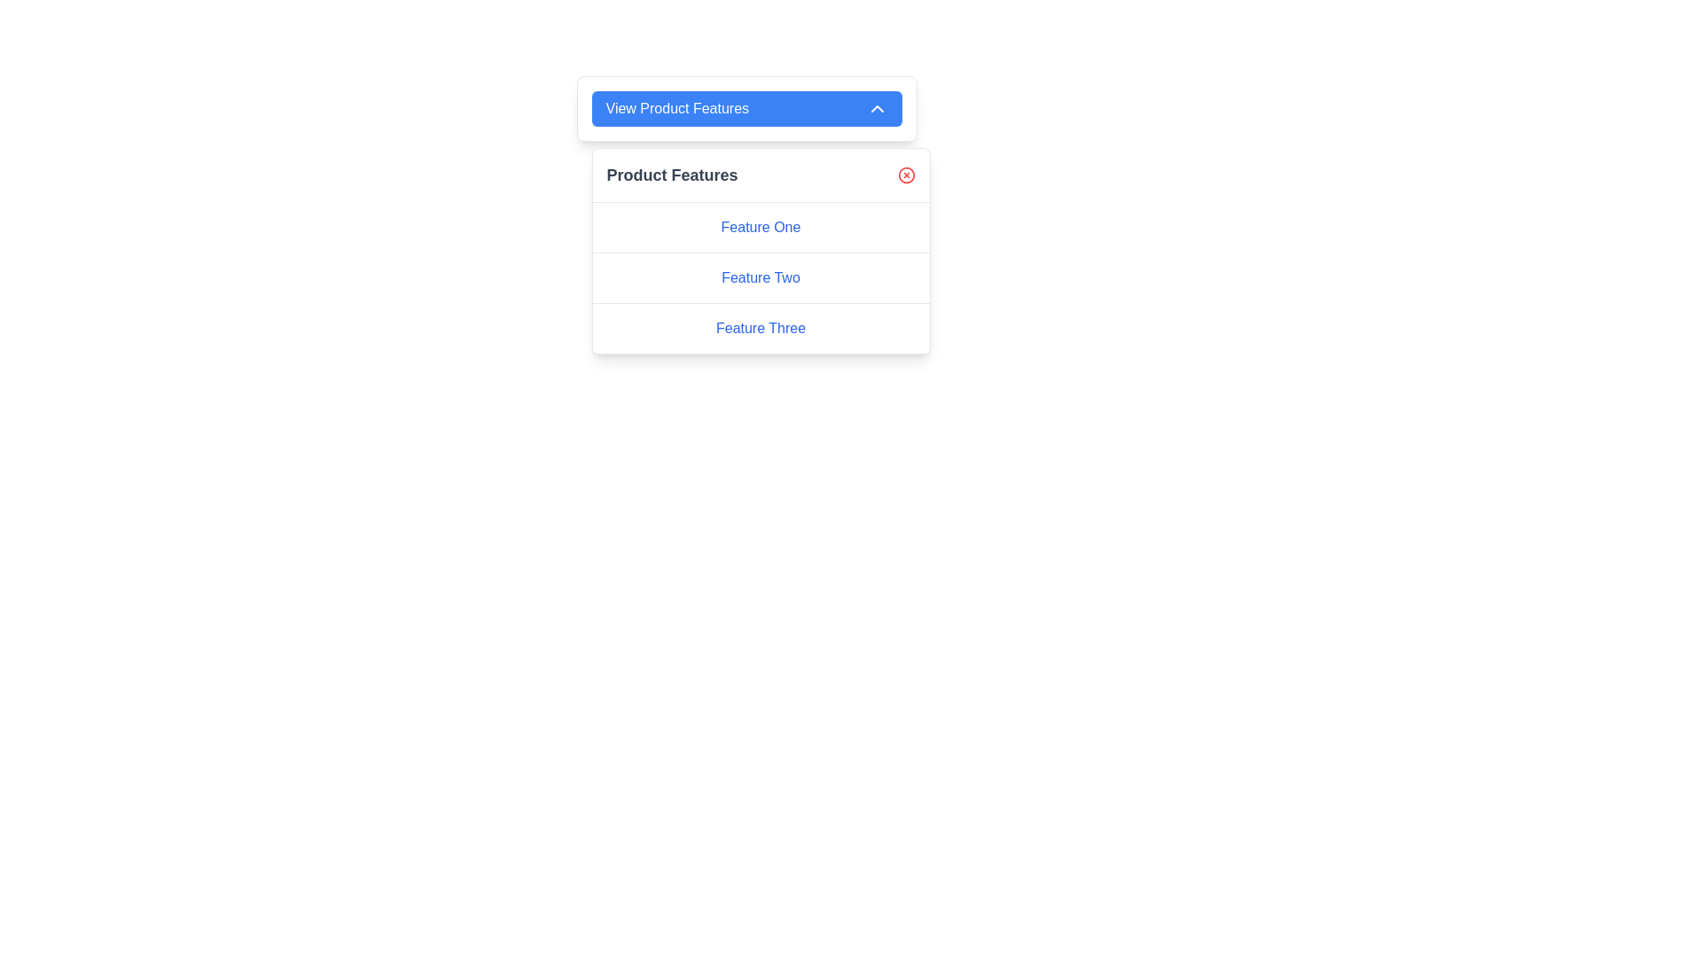  I want to click on the navigational link labeled 'Feature Three' located under the 'Product Features' section, so click(761, 329).